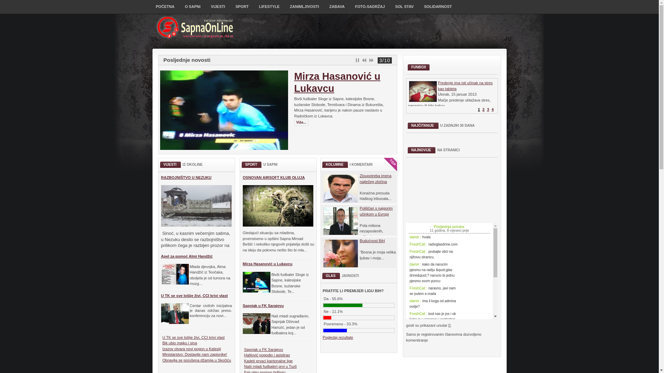 The width and height of the screenshot is (664, 373). Describe the element at coordinates (304, 9) in the screenshot. I see `'ZANIMLJIVOSTI'` at that location.